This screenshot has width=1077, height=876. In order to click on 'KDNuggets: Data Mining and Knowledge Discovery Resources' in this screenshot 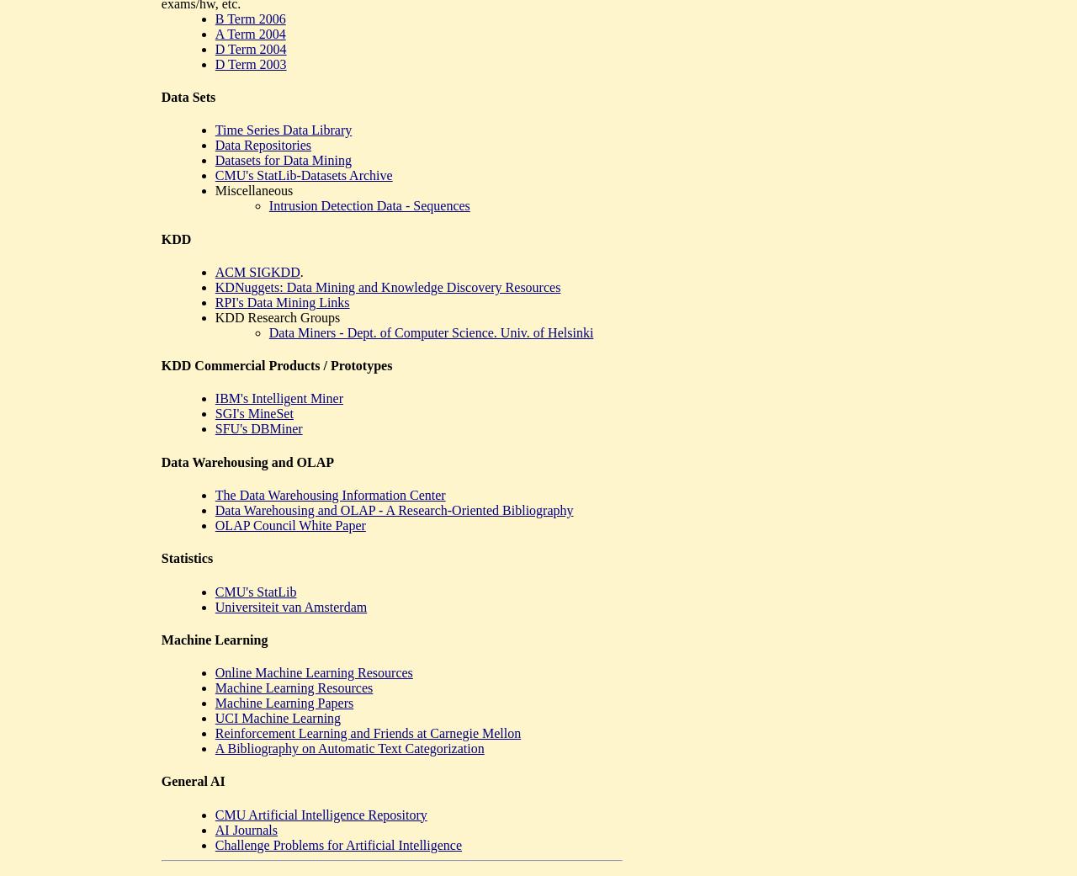, I will do `click(386, 286)`.